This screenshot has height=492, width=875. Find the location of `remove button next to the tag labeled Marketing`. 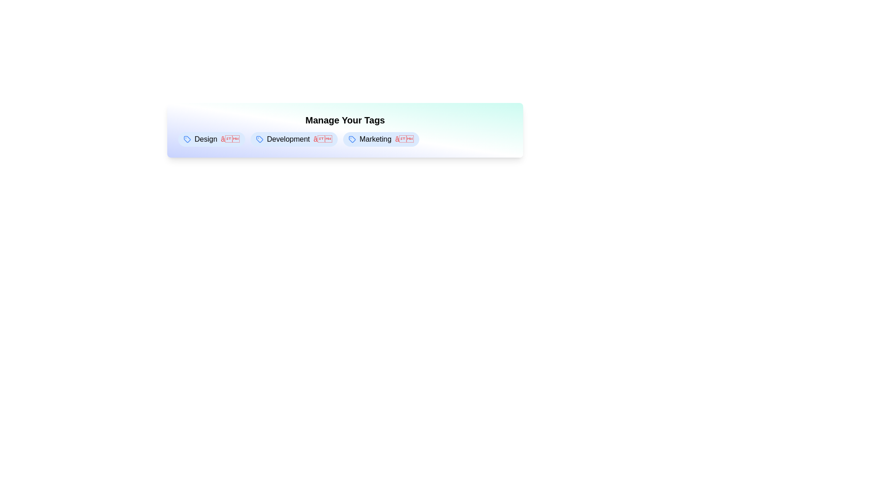

remove button next to the tag labeled Marketing is located at coordinates (404, 139).